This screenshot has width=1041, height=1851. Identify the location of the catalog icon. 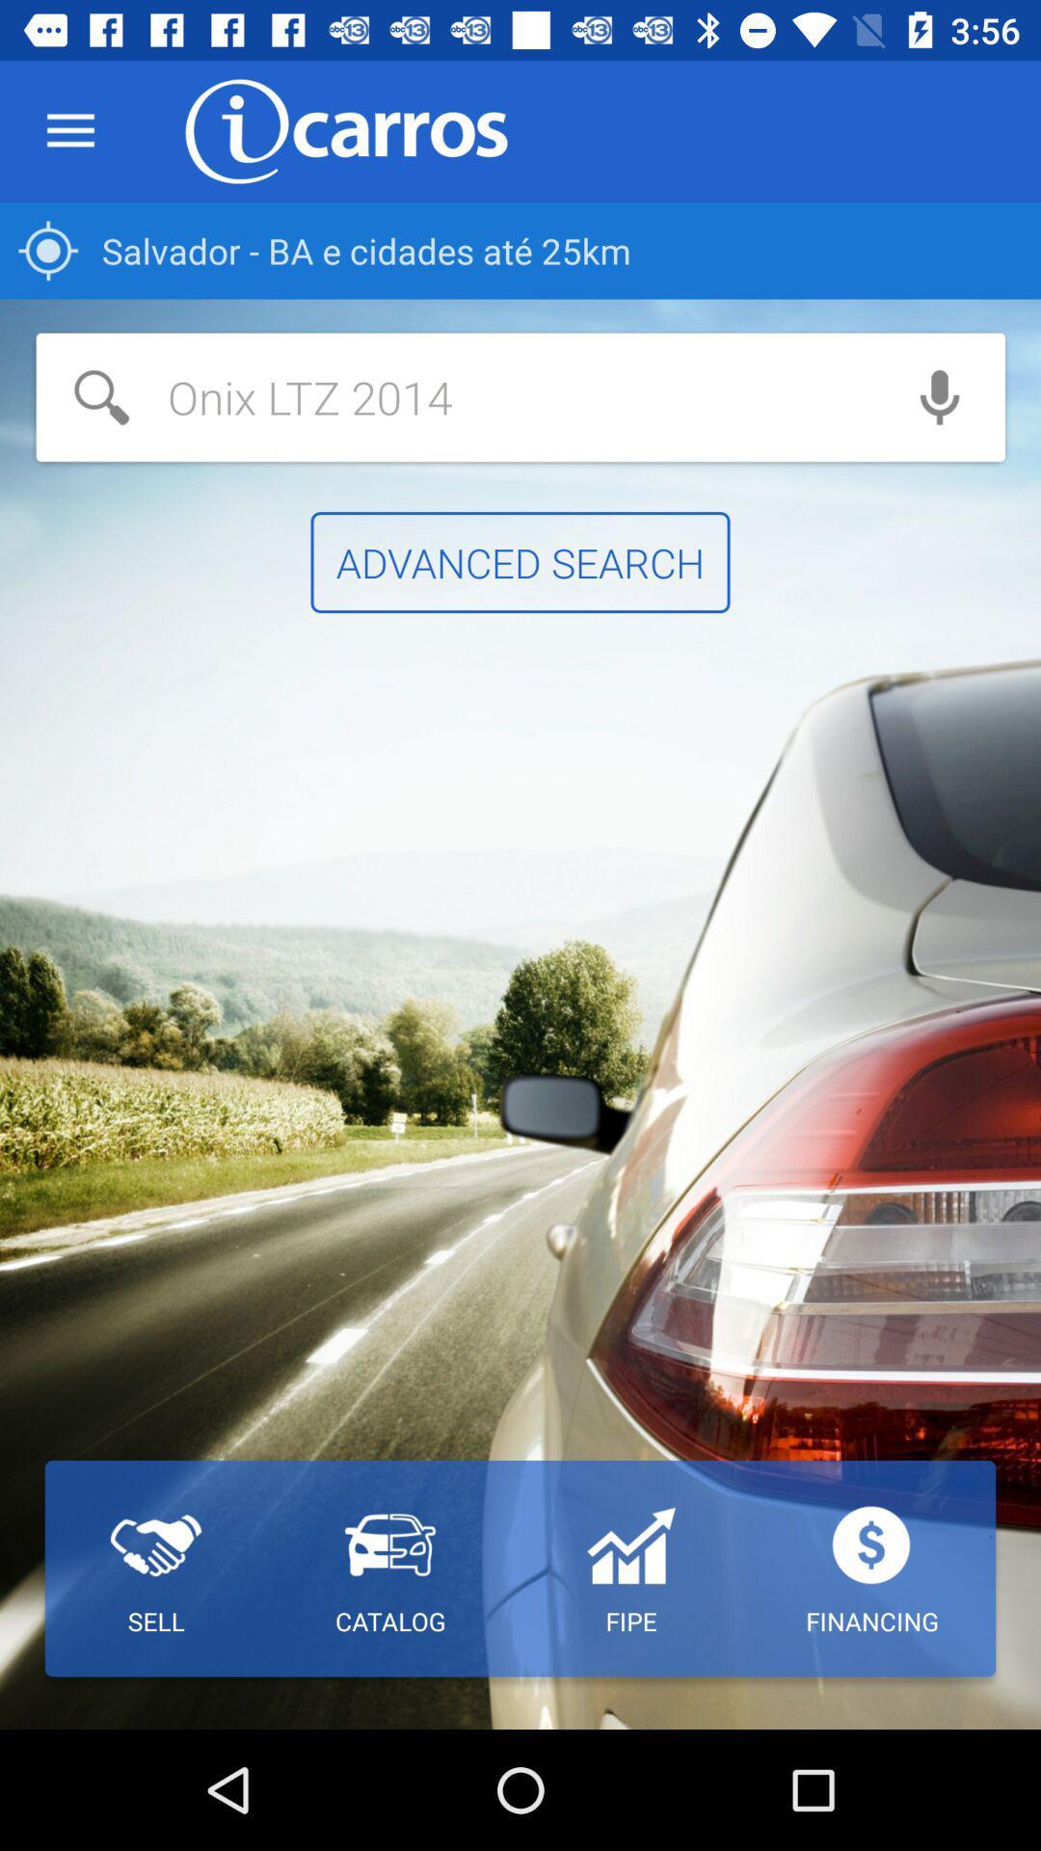
(390, 1569).